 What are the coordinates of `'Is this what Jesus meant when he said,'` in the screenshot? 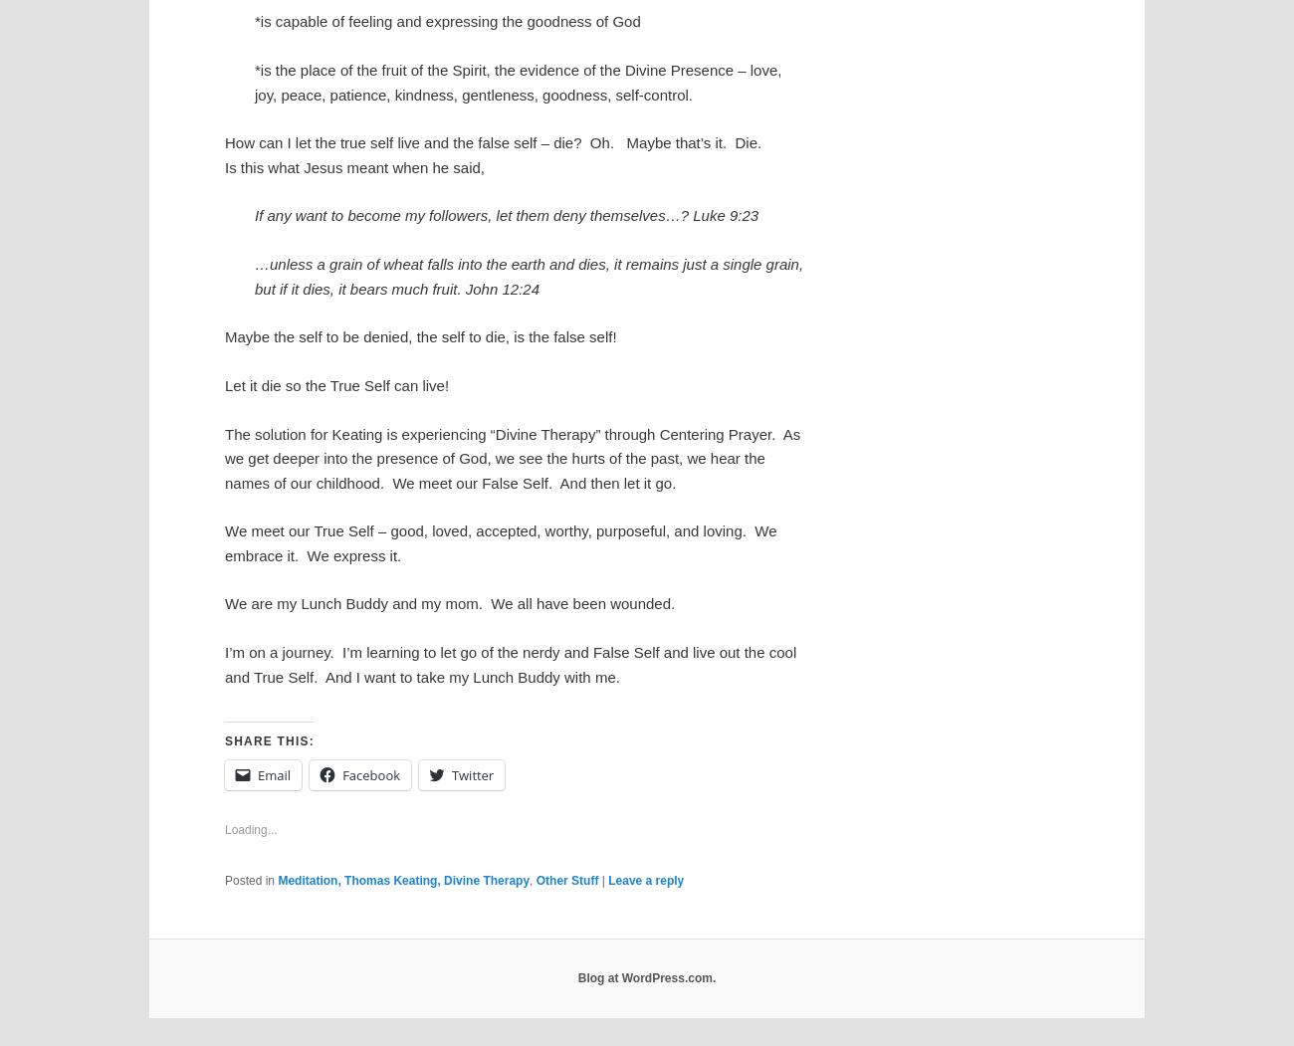 It's located at (352, 166).